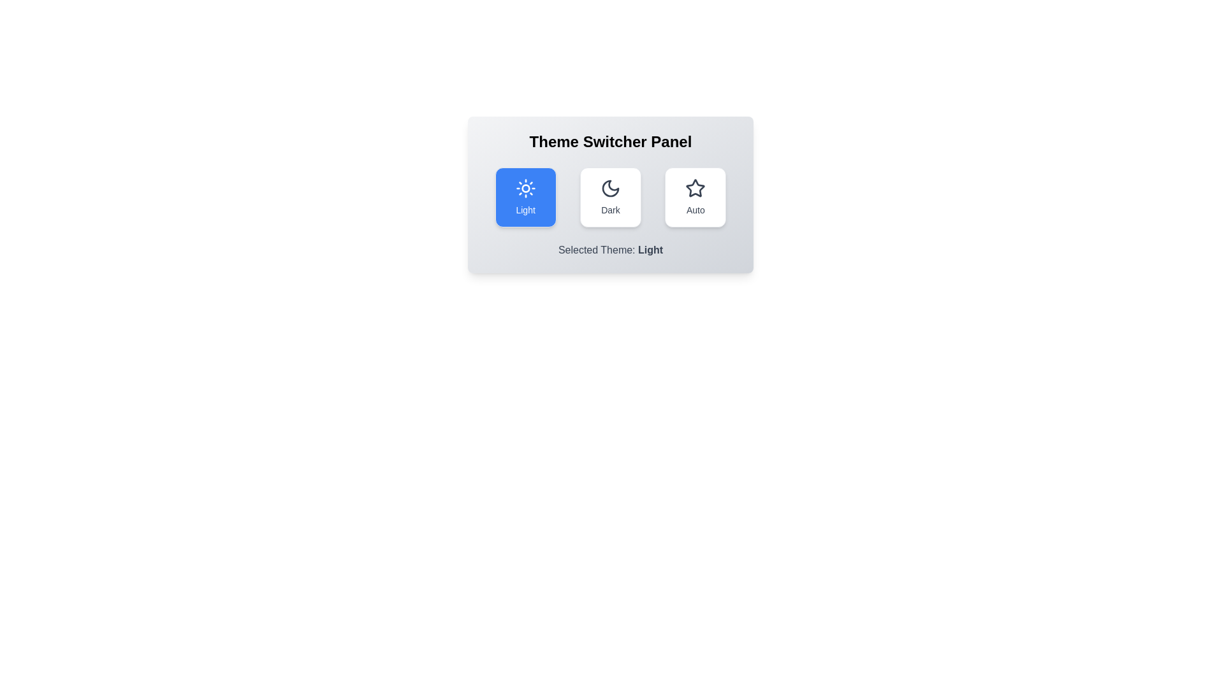 The image size is (1224, 688). What do you see at coordinates (609, 189) in the screenshot?
I see `the crescent moon icon inside the theme switcher button` at bounding box center [609, 189].